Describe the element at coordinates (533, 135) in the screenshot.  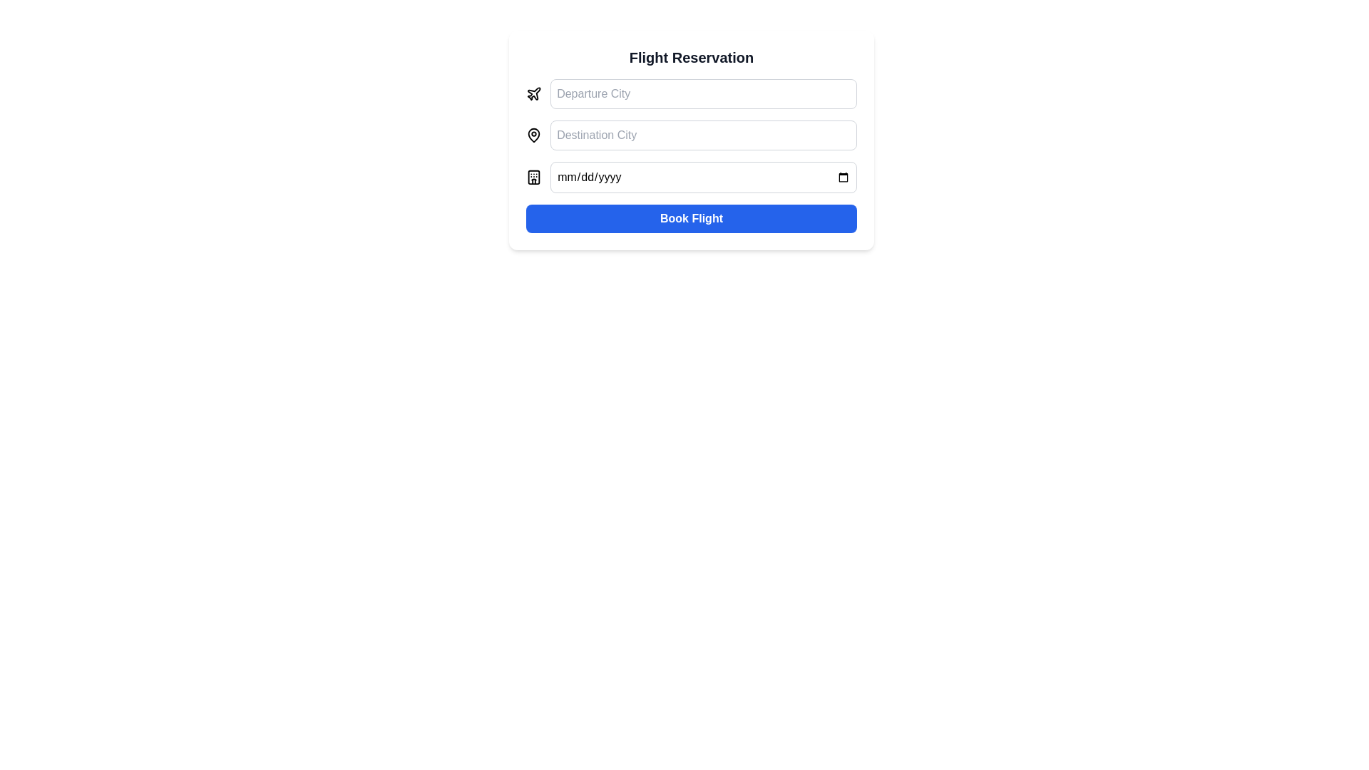
I see `the location pin icon located in the second row of the reservation form, next to the 'Destination City' input box` at that location.